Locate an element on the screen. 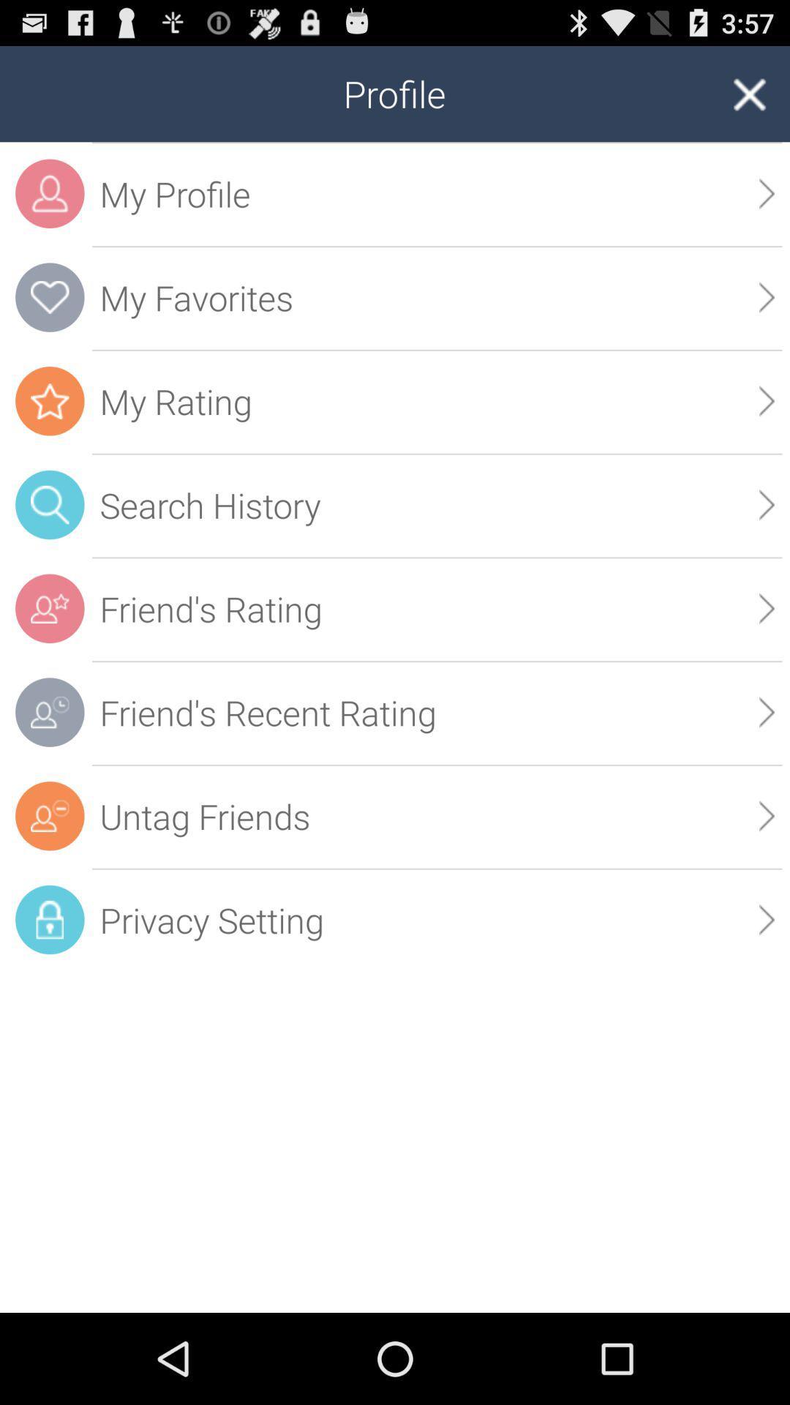 The image size is (790, 1405). cancel icon at the top is located at coordinates (748, 94).